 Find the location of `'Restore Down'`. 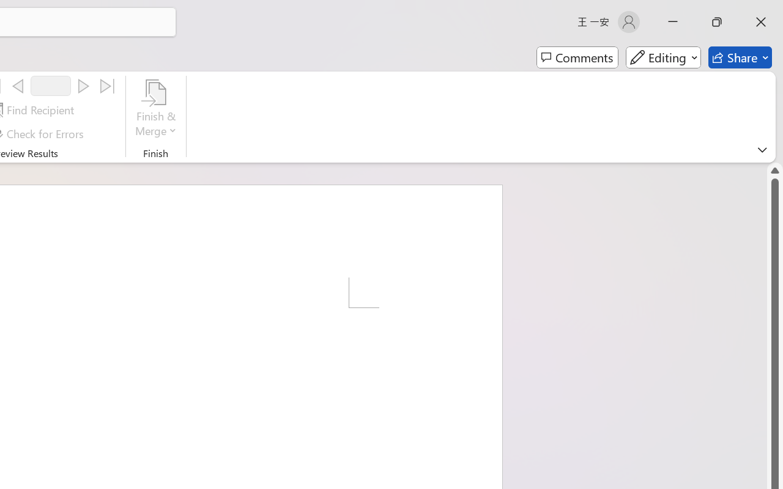

'Restore Down' is located at coordinates (717, 21).